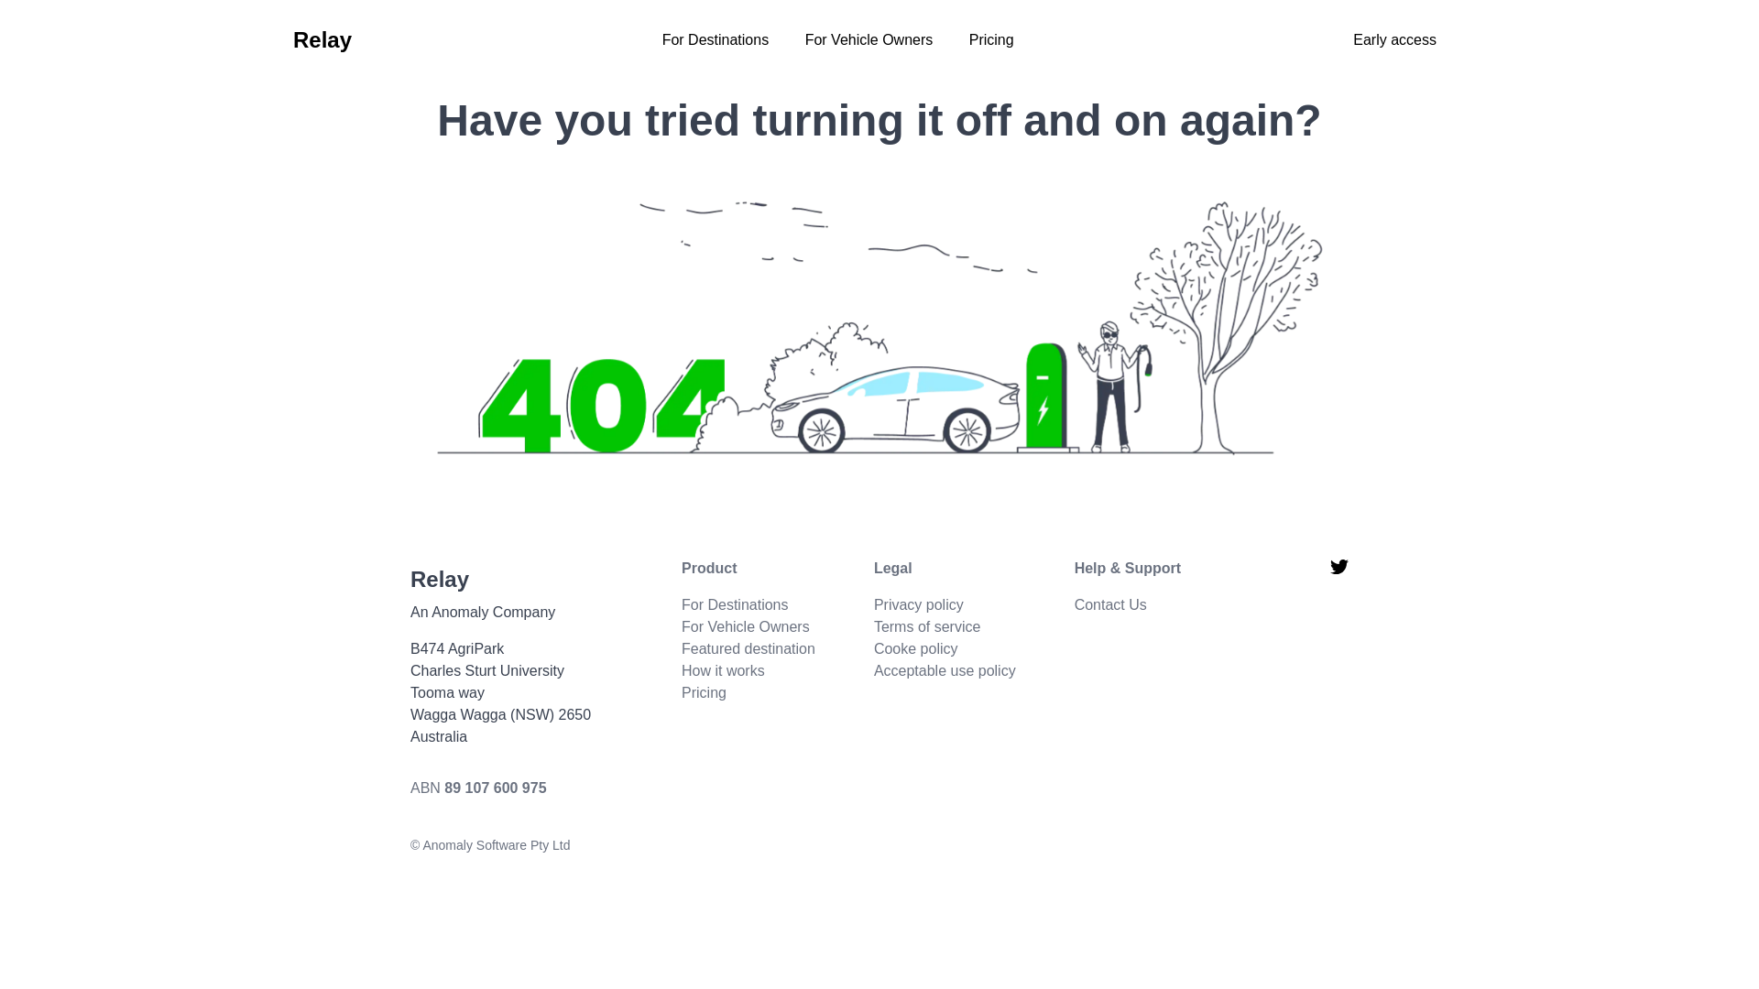 The height and width of the screenshot is (989, 1759). Describe the element at coordinates (945, 568) in the screenshot. I see `'Legal'` at that location.